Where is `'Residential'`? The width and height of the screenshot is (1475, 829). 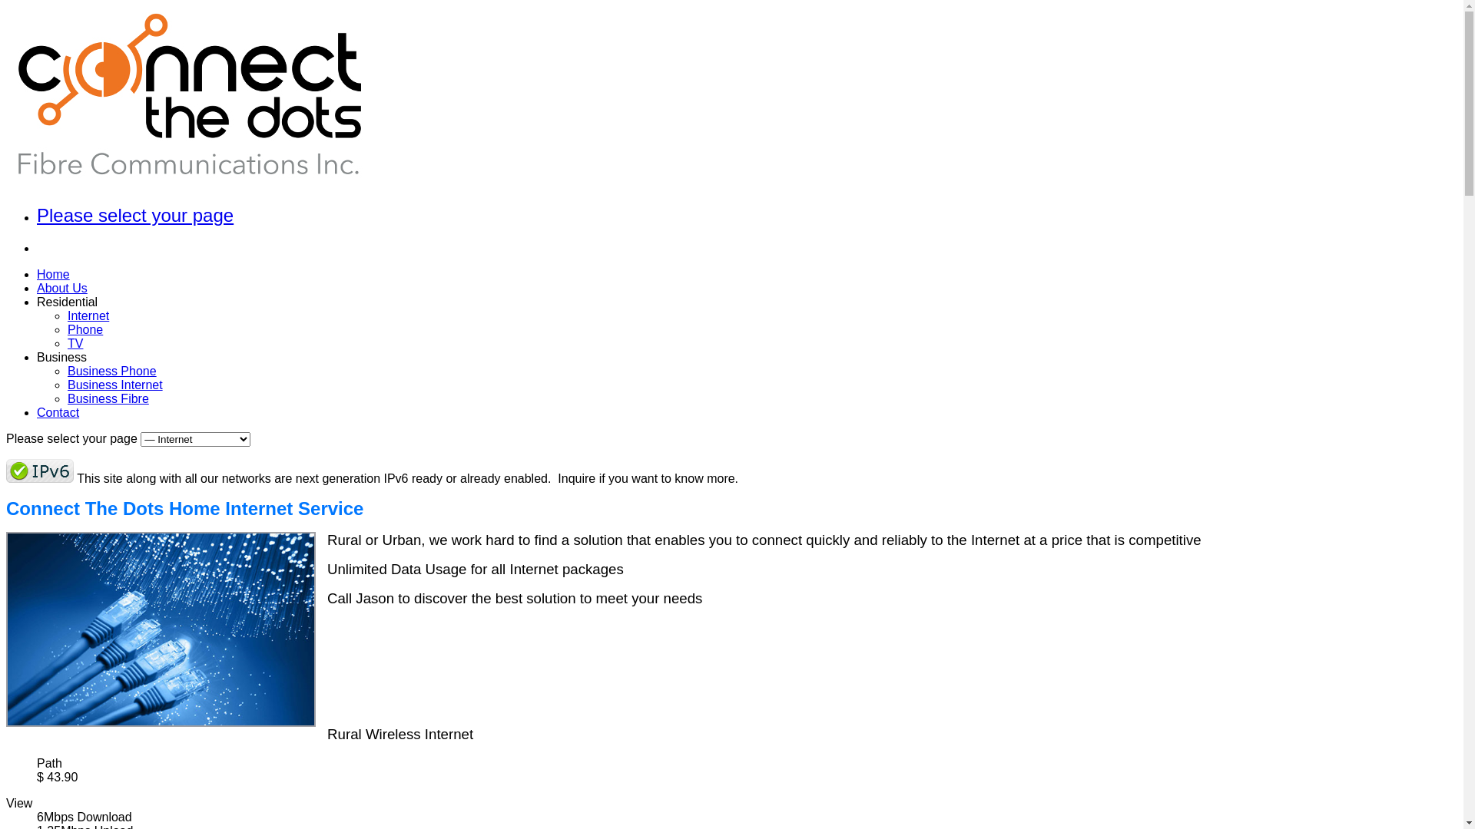 'Residential' is located at coordinates (37, 302).